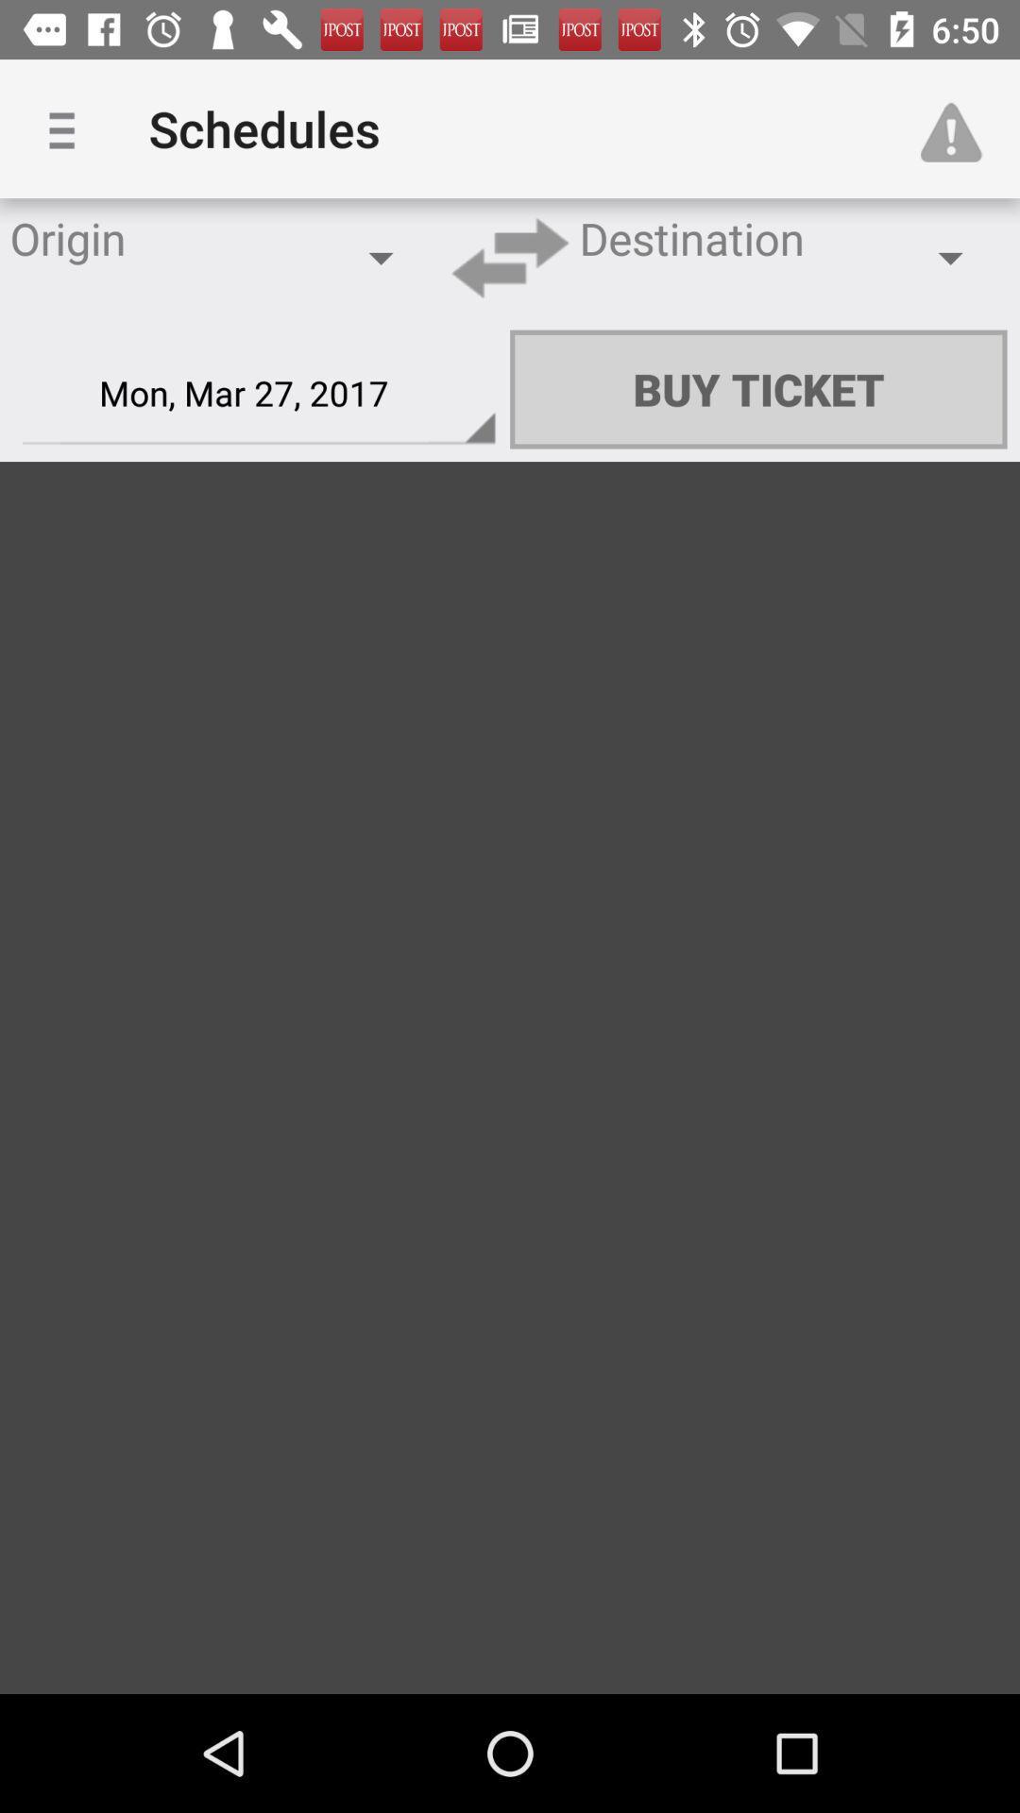  Describe the element at coordinates (259, 393) in the screenshot. I see `mon mar 27` at that location.